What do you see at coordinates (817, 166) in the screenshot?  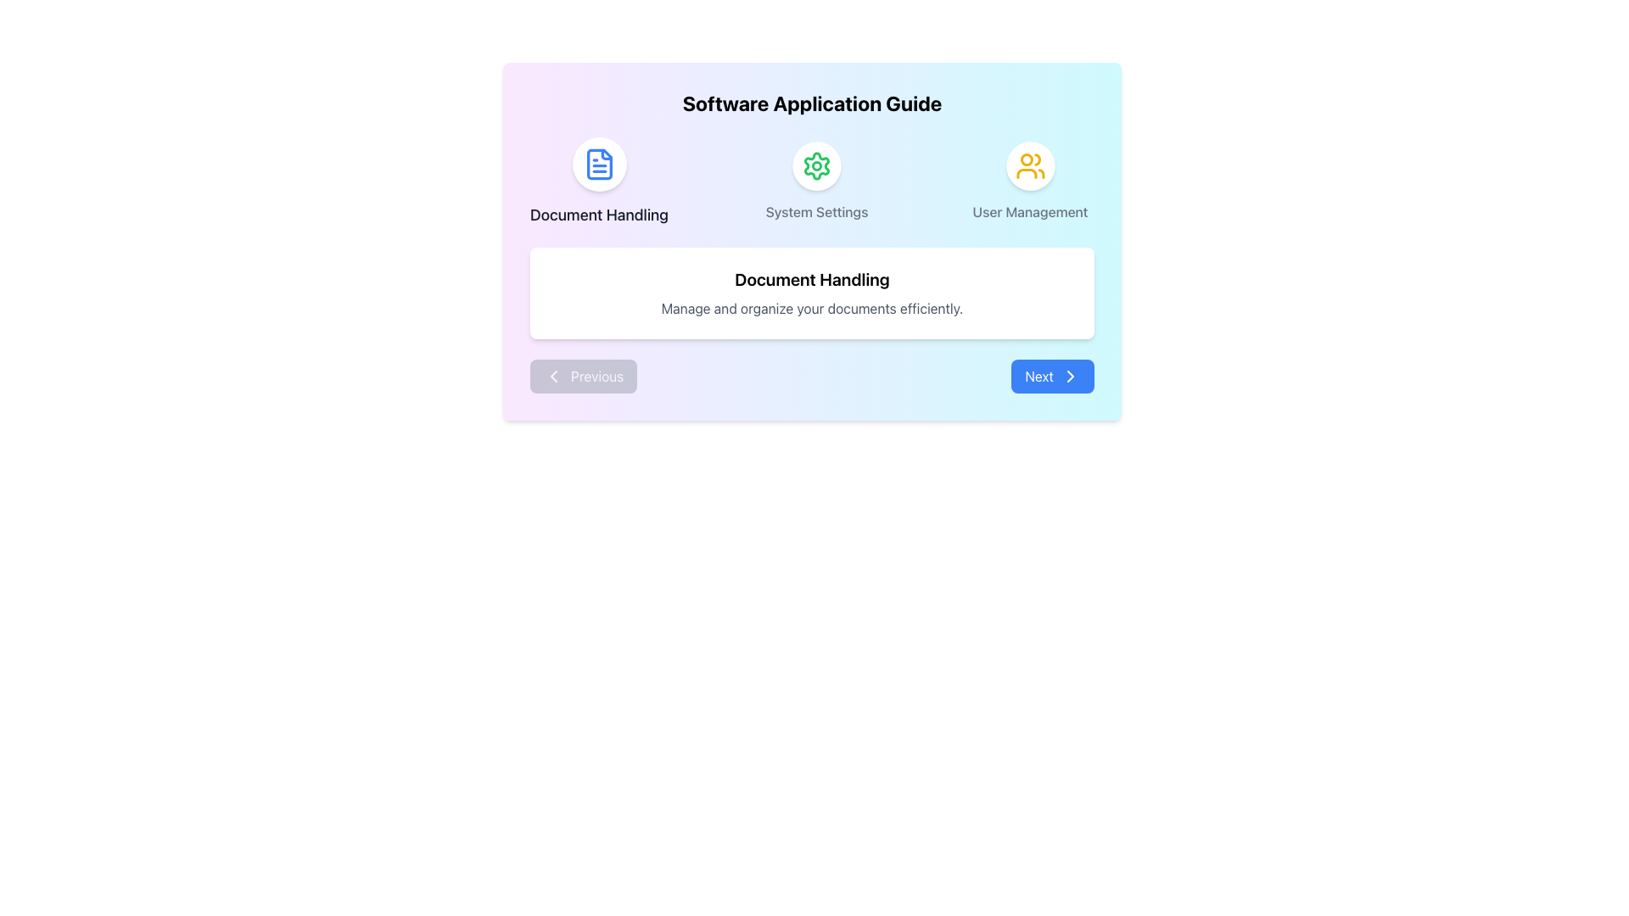 I see `the SVG circle component of the 'System Settings' icon, which is the middle icon in a horizontal arrangement at the top of the interface` at bounding box center [817, 166].